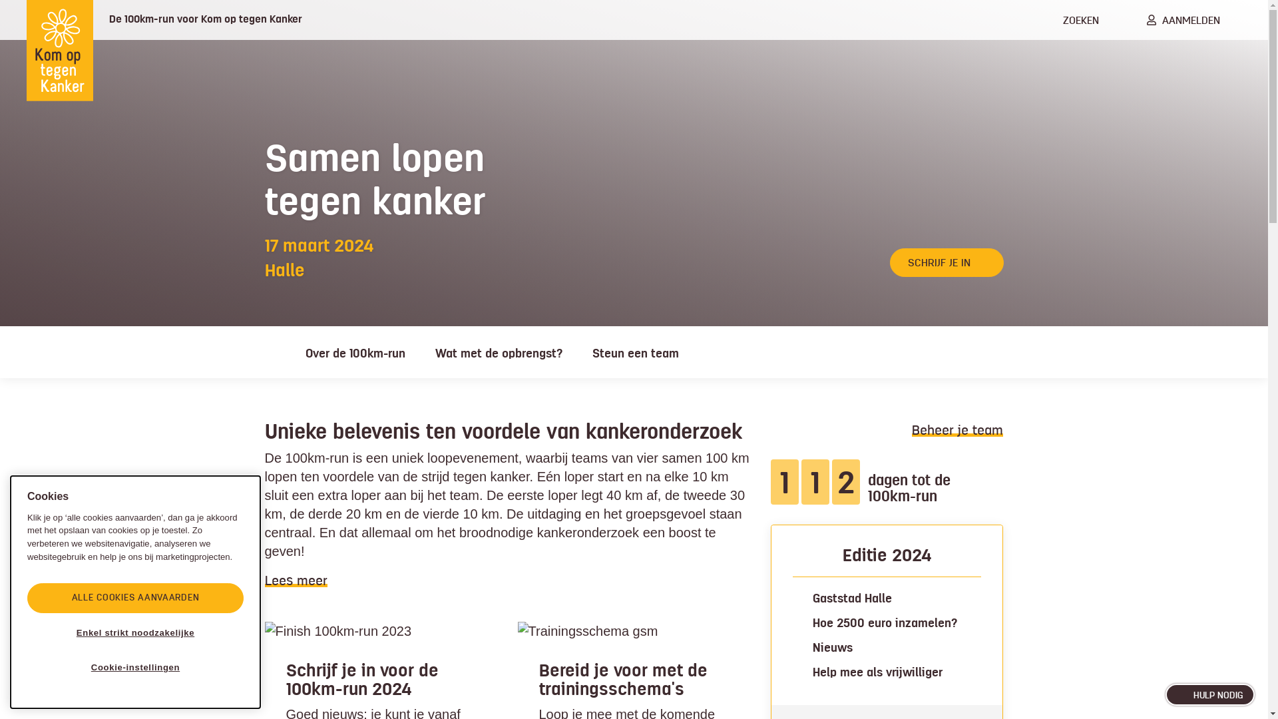  I want to click on 'Enkel strikt noodzakelijke', so click(135, 632).